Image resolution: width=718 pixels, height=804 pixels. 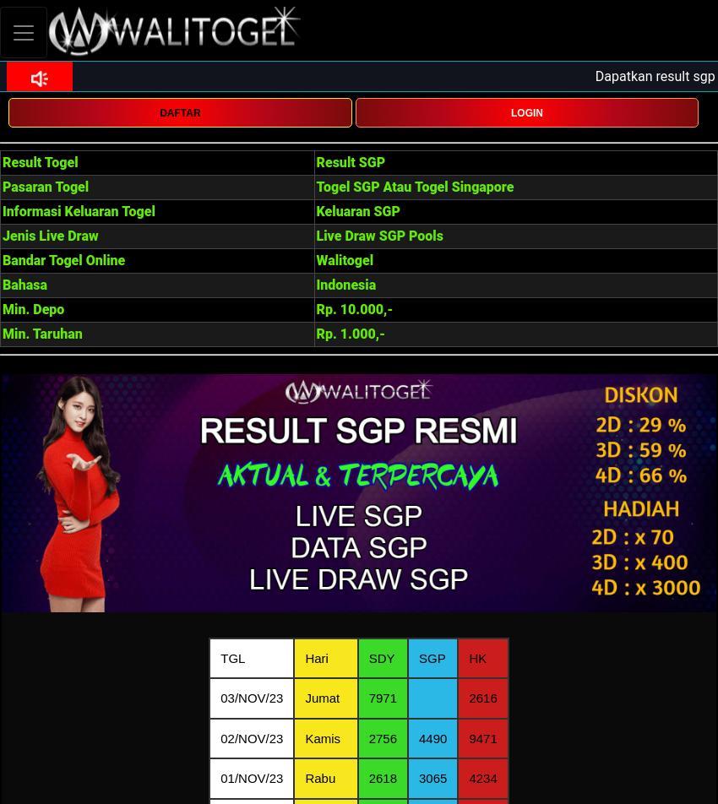 What do you see at coordinates (315, 236) in the screenshot?
I see `'Live Draw SGP Pools'` at bounding box center [315, 236].